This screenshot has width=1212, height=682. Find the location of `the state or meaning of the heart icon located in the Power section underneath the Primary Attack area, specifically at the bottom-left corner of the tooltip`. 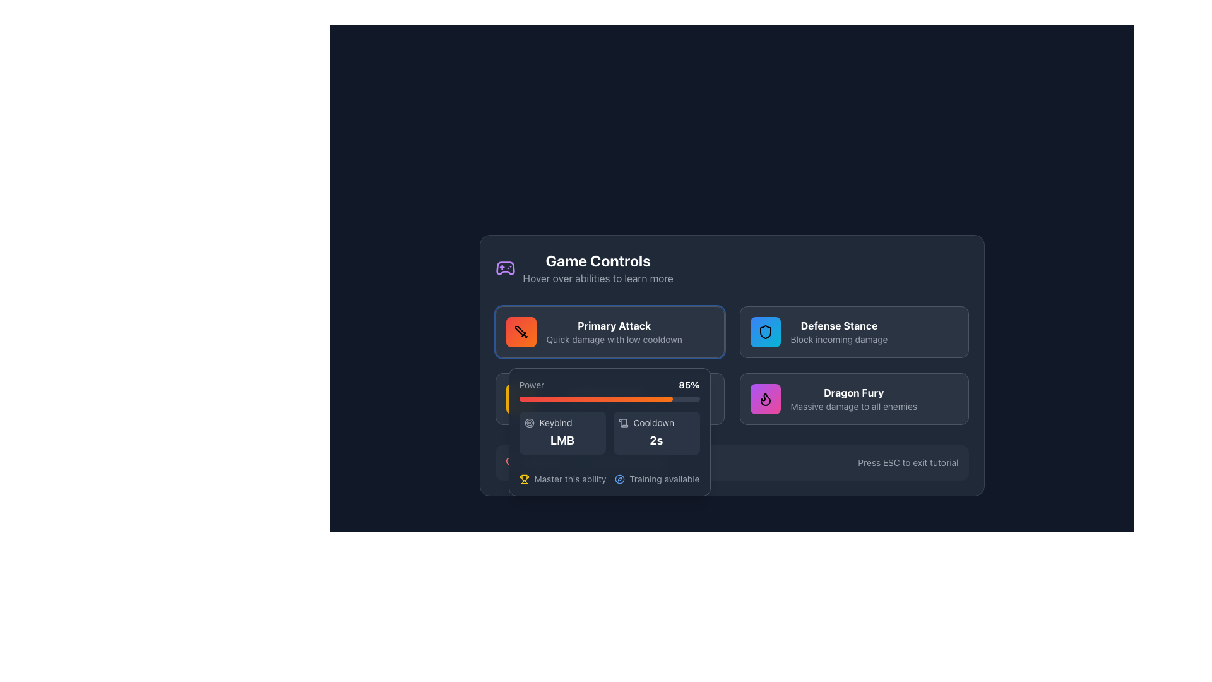

the state or meaning of the heart icon located in the Power section underneath the Primary Attack area, specifically at the bottom-left corner of the tooltip is located at coordinates (511, 462).